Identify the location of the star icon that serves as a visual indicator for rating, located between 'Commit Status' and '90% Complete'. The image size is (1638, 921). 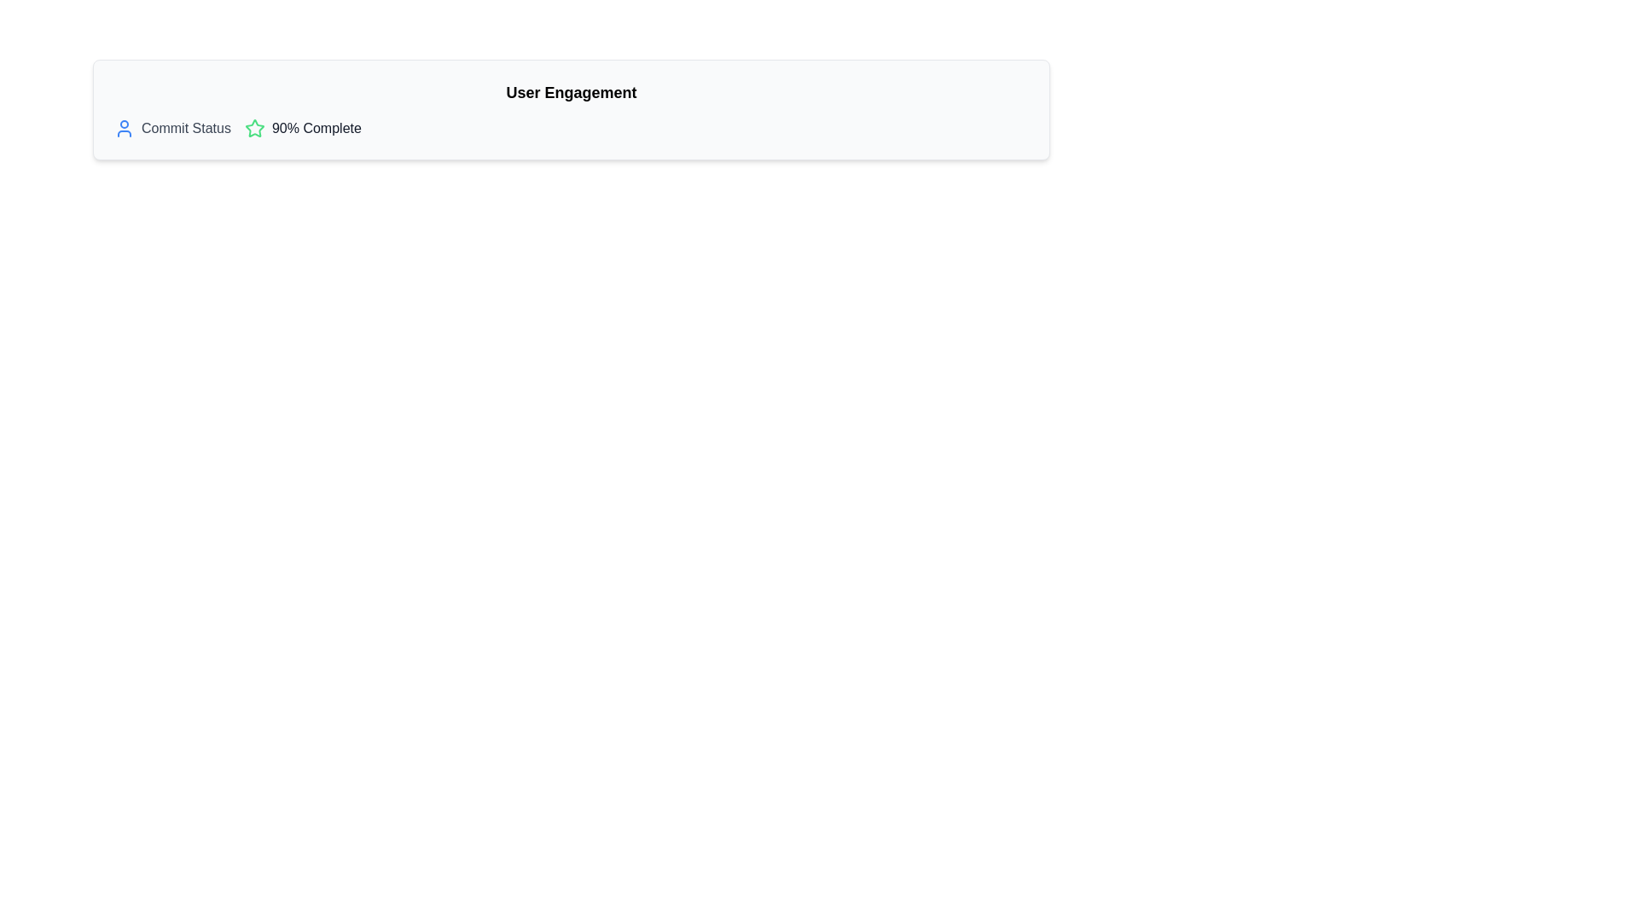
(253, 127).